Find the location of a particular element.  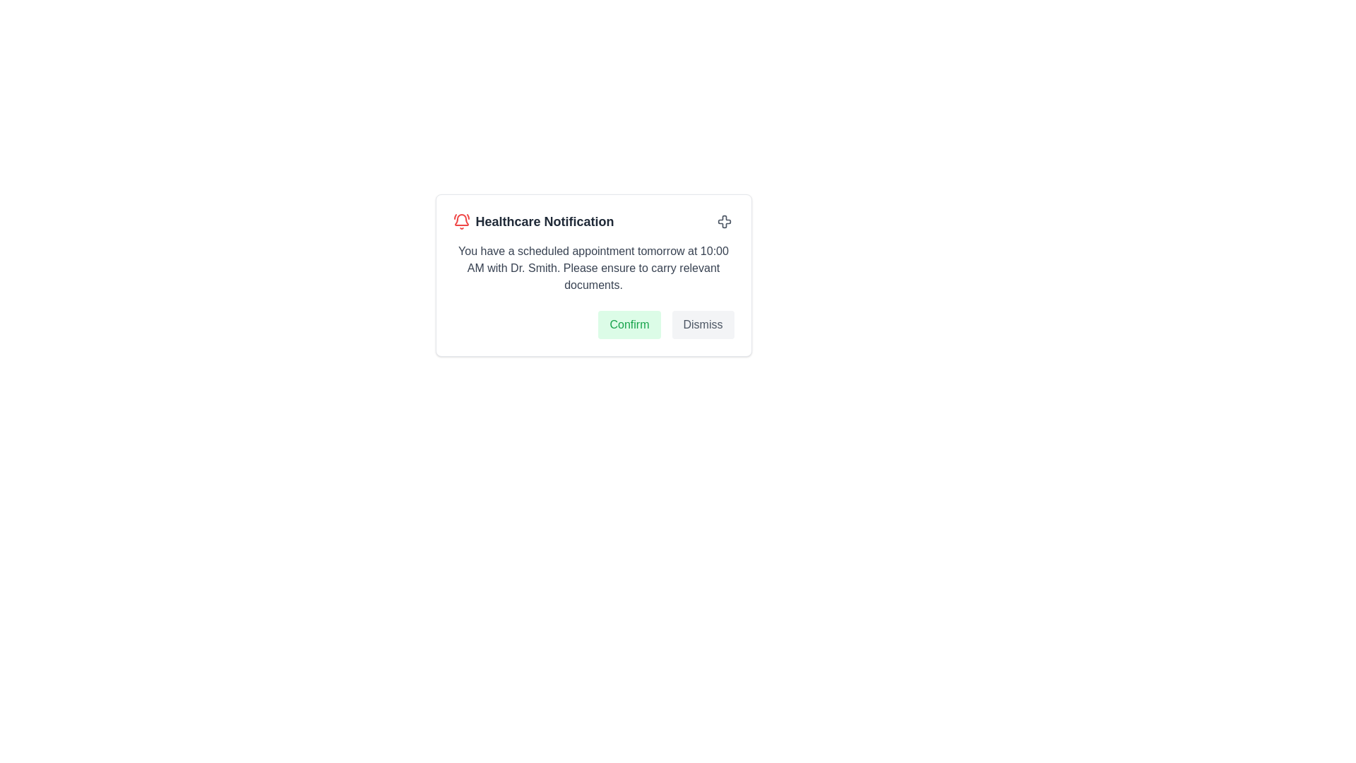

the close icon located in the upper right corner of the notification panel is located at coordinates (724, 221).